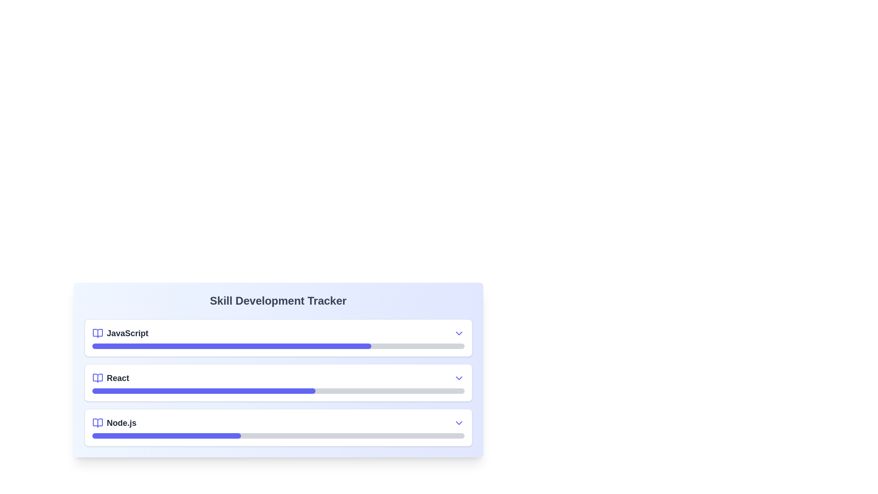  Describe the element at coordinates (278, 435) in the screenshot. I see `the progress bar representing the progress achieved in the skill 'Node.js' within the 'Skill Development Tracker'. This is the third progress bar in the vertical stack, located below the 'Node.js' title` at that location.